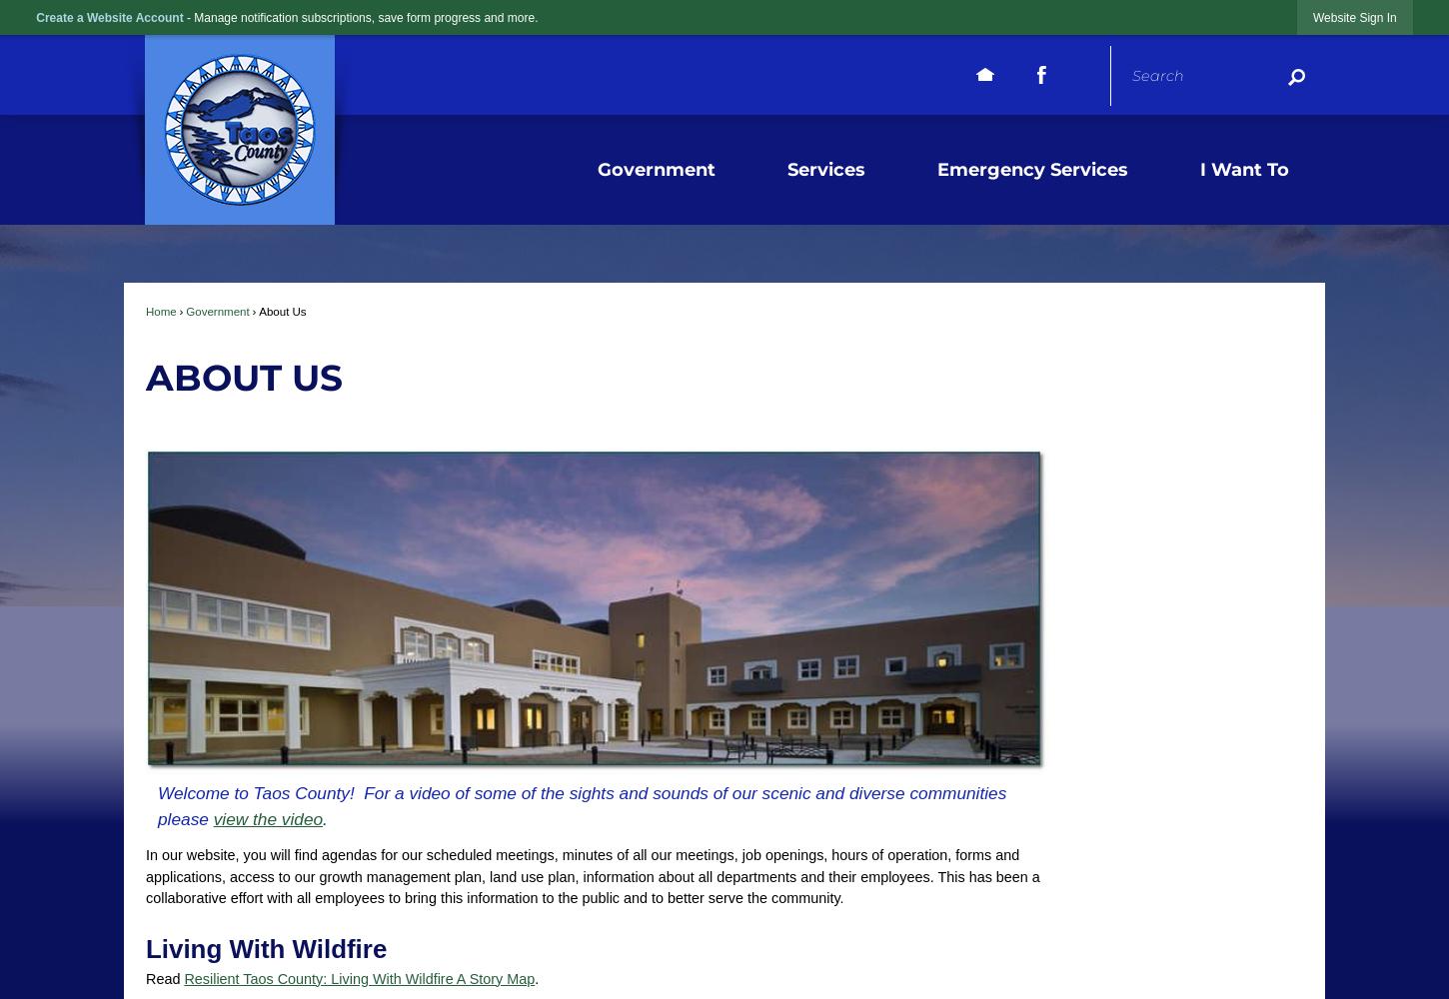 Image resolution: width=1449 pixels, height=999 pixels. Describe the element at coordinates (144, 876) in the screenshot. I see `'In our website, you will find agendas for our scheduled meetings, minutes of all our meetings, job openings, hours of operation, forms and applications, access to our growth management plan, land use plan, information about all departments and their employees. This has been a collaborative effort with all employees to bring this information to the public and to better serve the community.'` at that location.